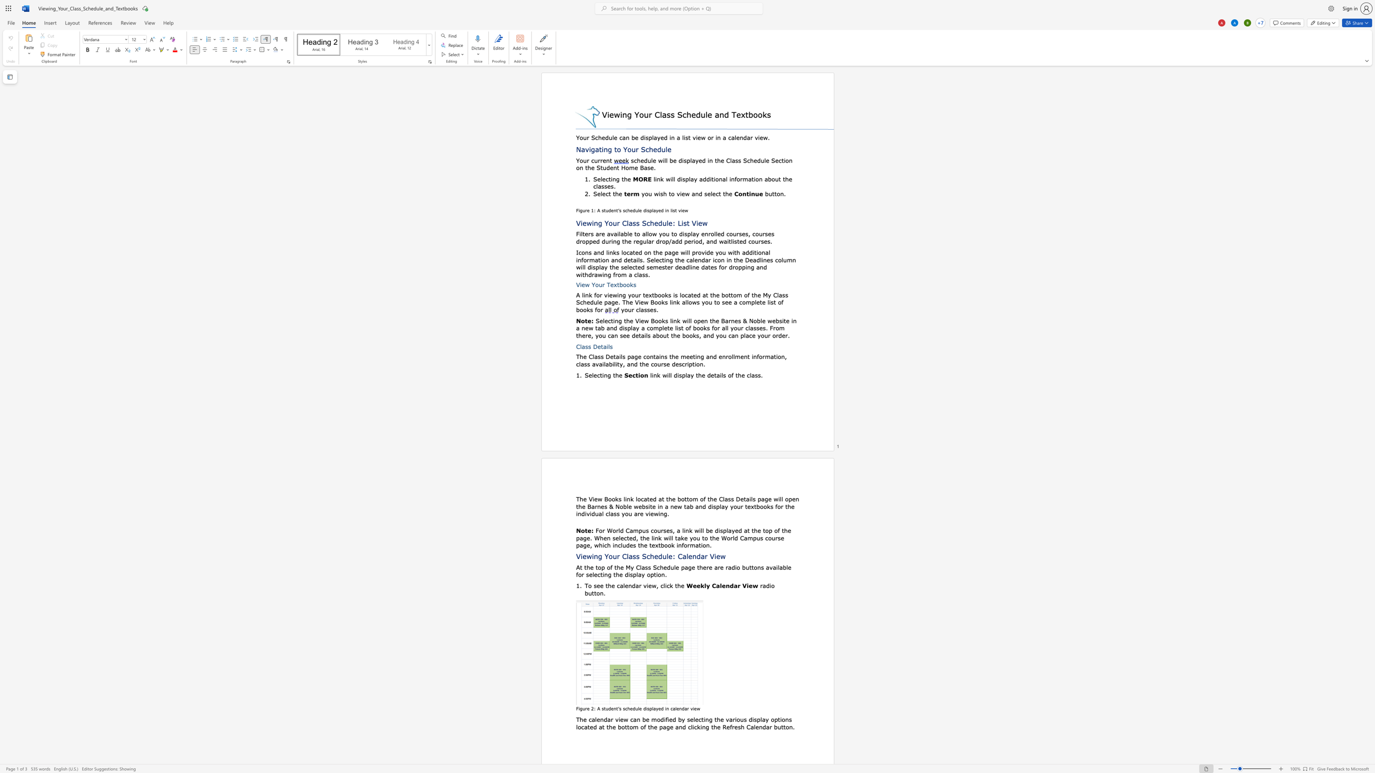 This screenshot has height=773, width=1375. Describe the element at coordinates (665, 585) in the screenshot. I see `the space between the continuous character "l" and "i" in the text` at that location.